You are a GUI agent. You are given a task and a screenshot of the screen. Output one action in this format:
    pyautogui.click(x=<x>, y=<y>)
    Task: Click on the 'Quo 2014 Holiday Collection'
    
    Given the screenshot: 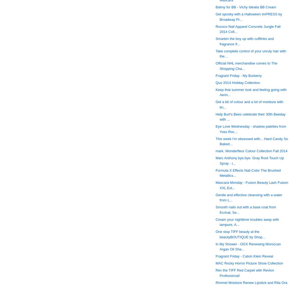 What is the action you would take?
    pyautogui.click(x=237, y=82)
    